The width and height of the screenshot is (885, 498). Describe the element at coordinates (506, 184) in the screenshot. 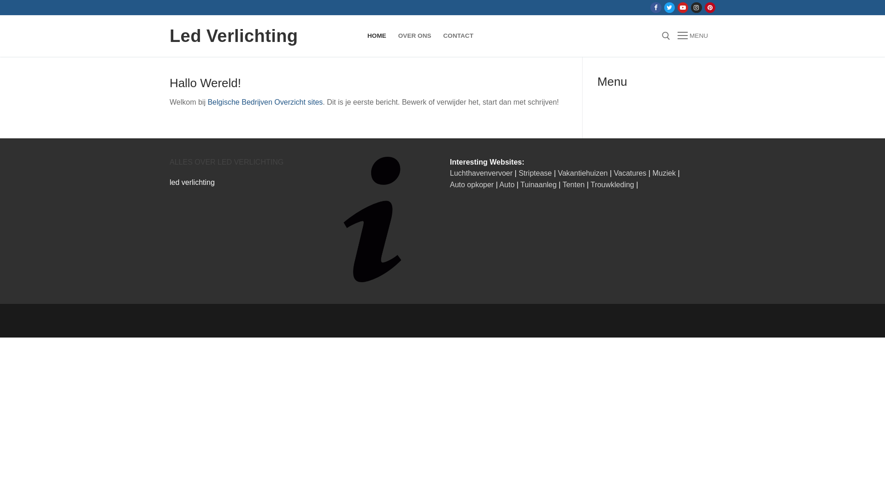

I see `'Auto'` at that location.